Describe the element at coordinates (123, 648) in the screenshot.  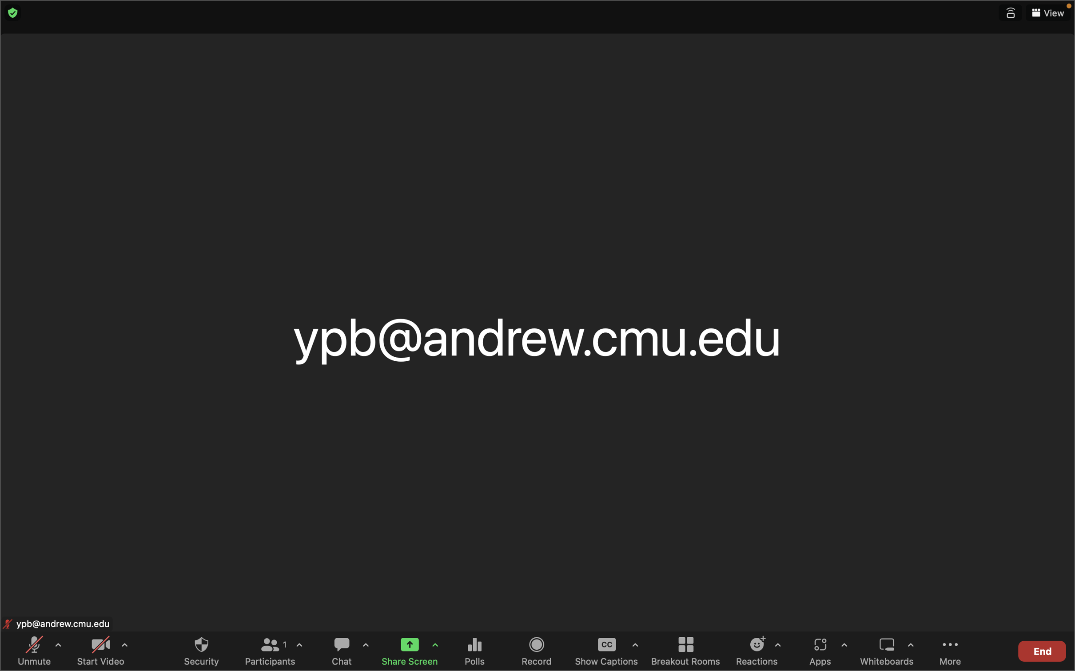
I see `the settings for video` at that location.